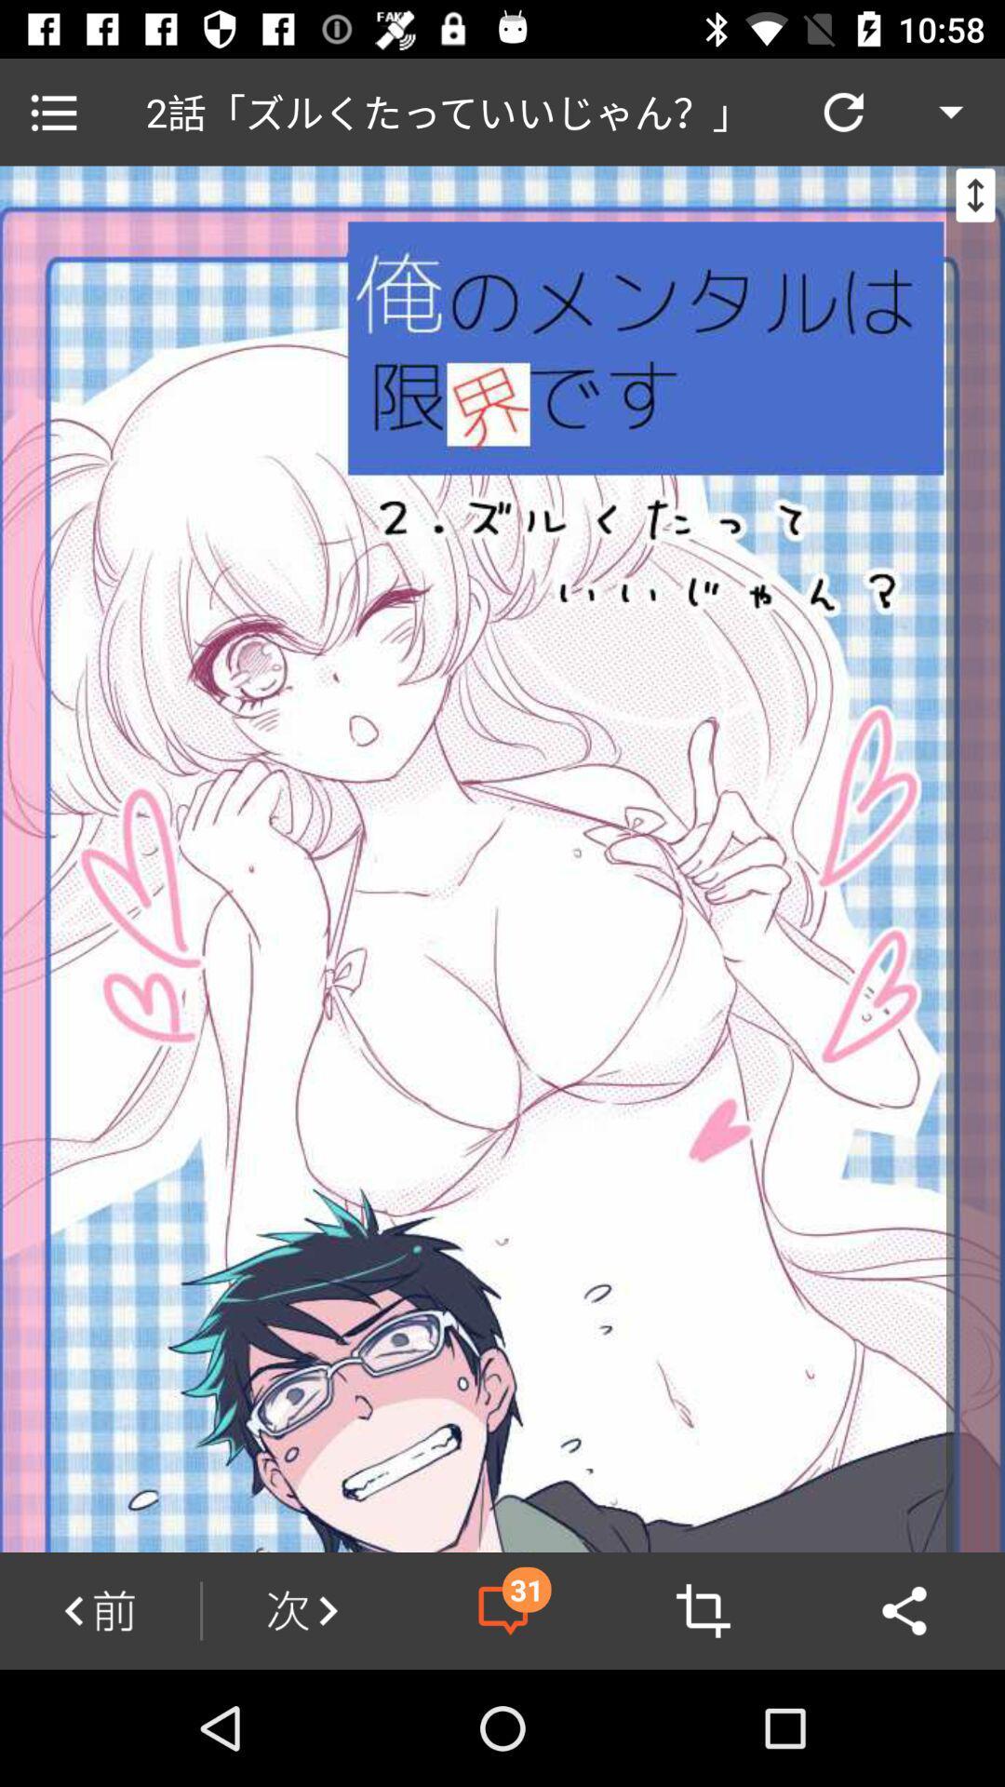 The width and height of the screenshot is (1005, 1787). Describe the element at coordinates (52, 111) in the screenshot. I see `the list icon` at that location.